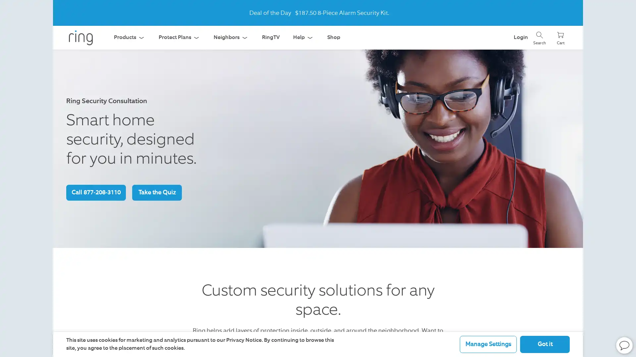  I want to click on Call 877-208-3110, so click(95, 192).